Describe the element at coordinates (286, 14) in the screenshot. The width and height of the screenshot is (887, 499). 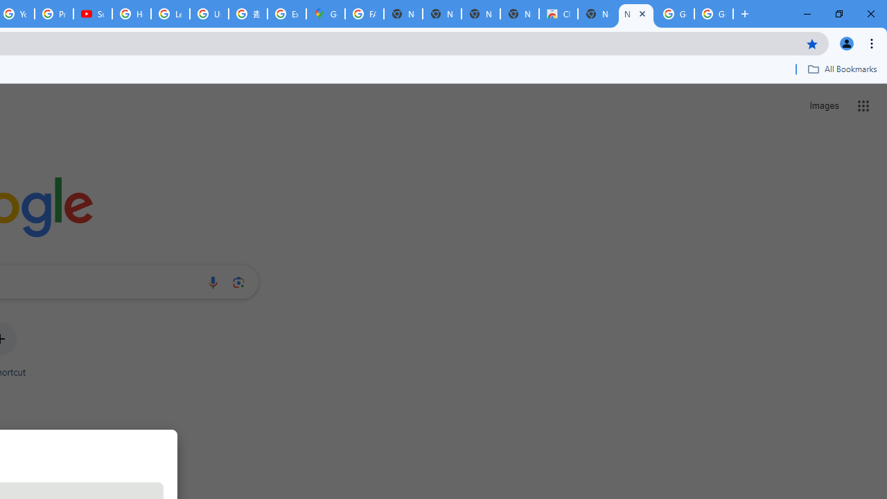
I see `'Explore new street-level details - Google Maps Help'` at that location.